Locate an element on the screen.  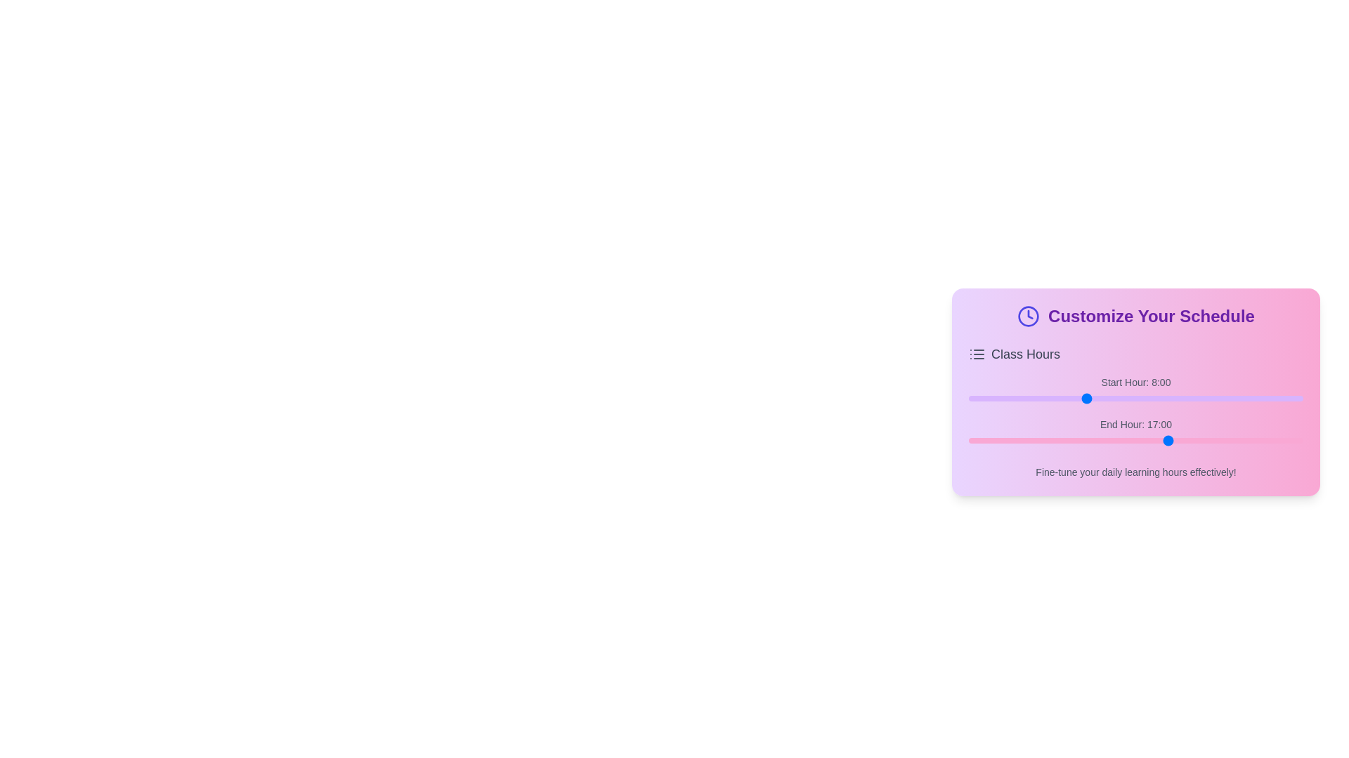
the slider to set the start hour to 7 is located at coordinates (1069, 398).